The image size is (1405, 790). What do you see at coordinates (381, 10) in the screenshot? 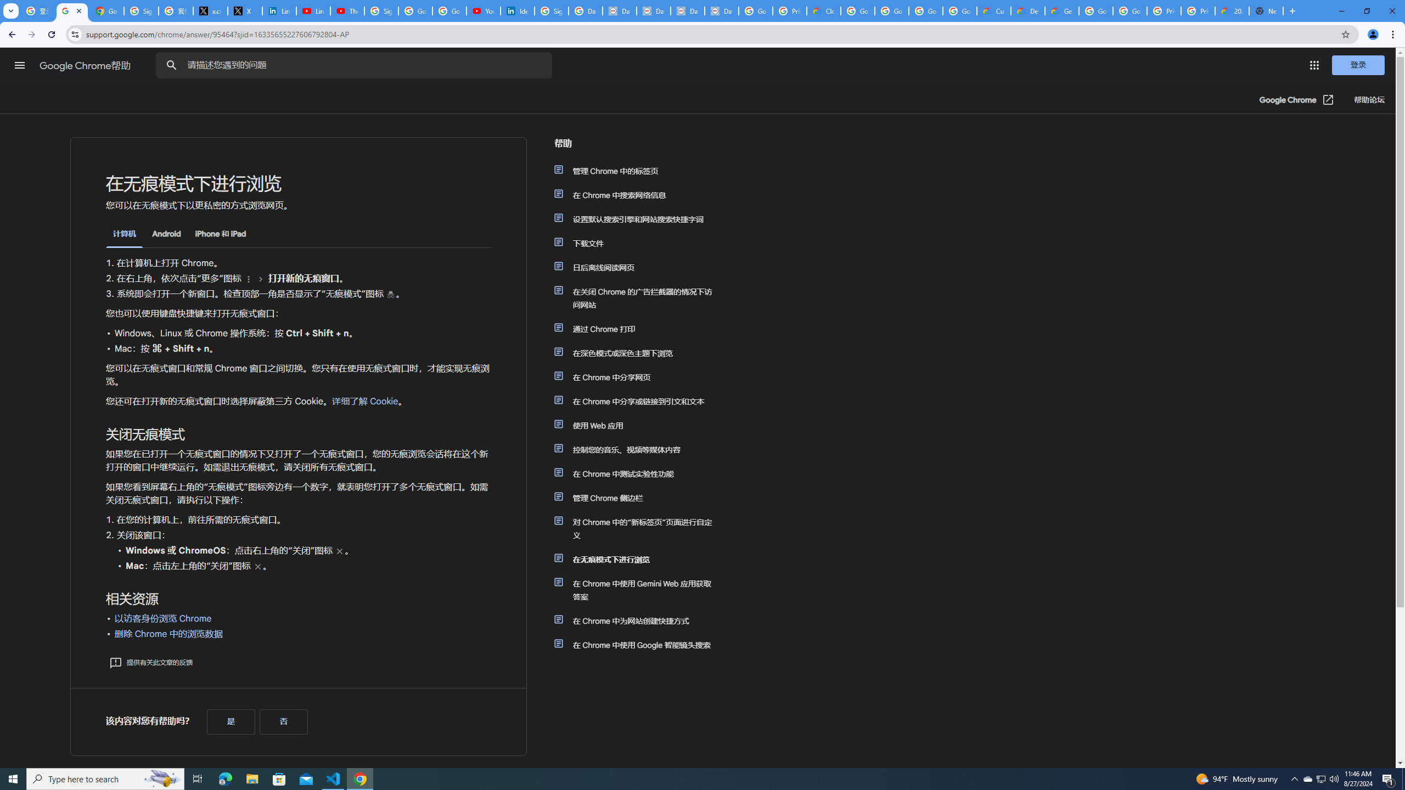
I see `'Sign in - Google Accounts'` at bounding box center [381, 10].